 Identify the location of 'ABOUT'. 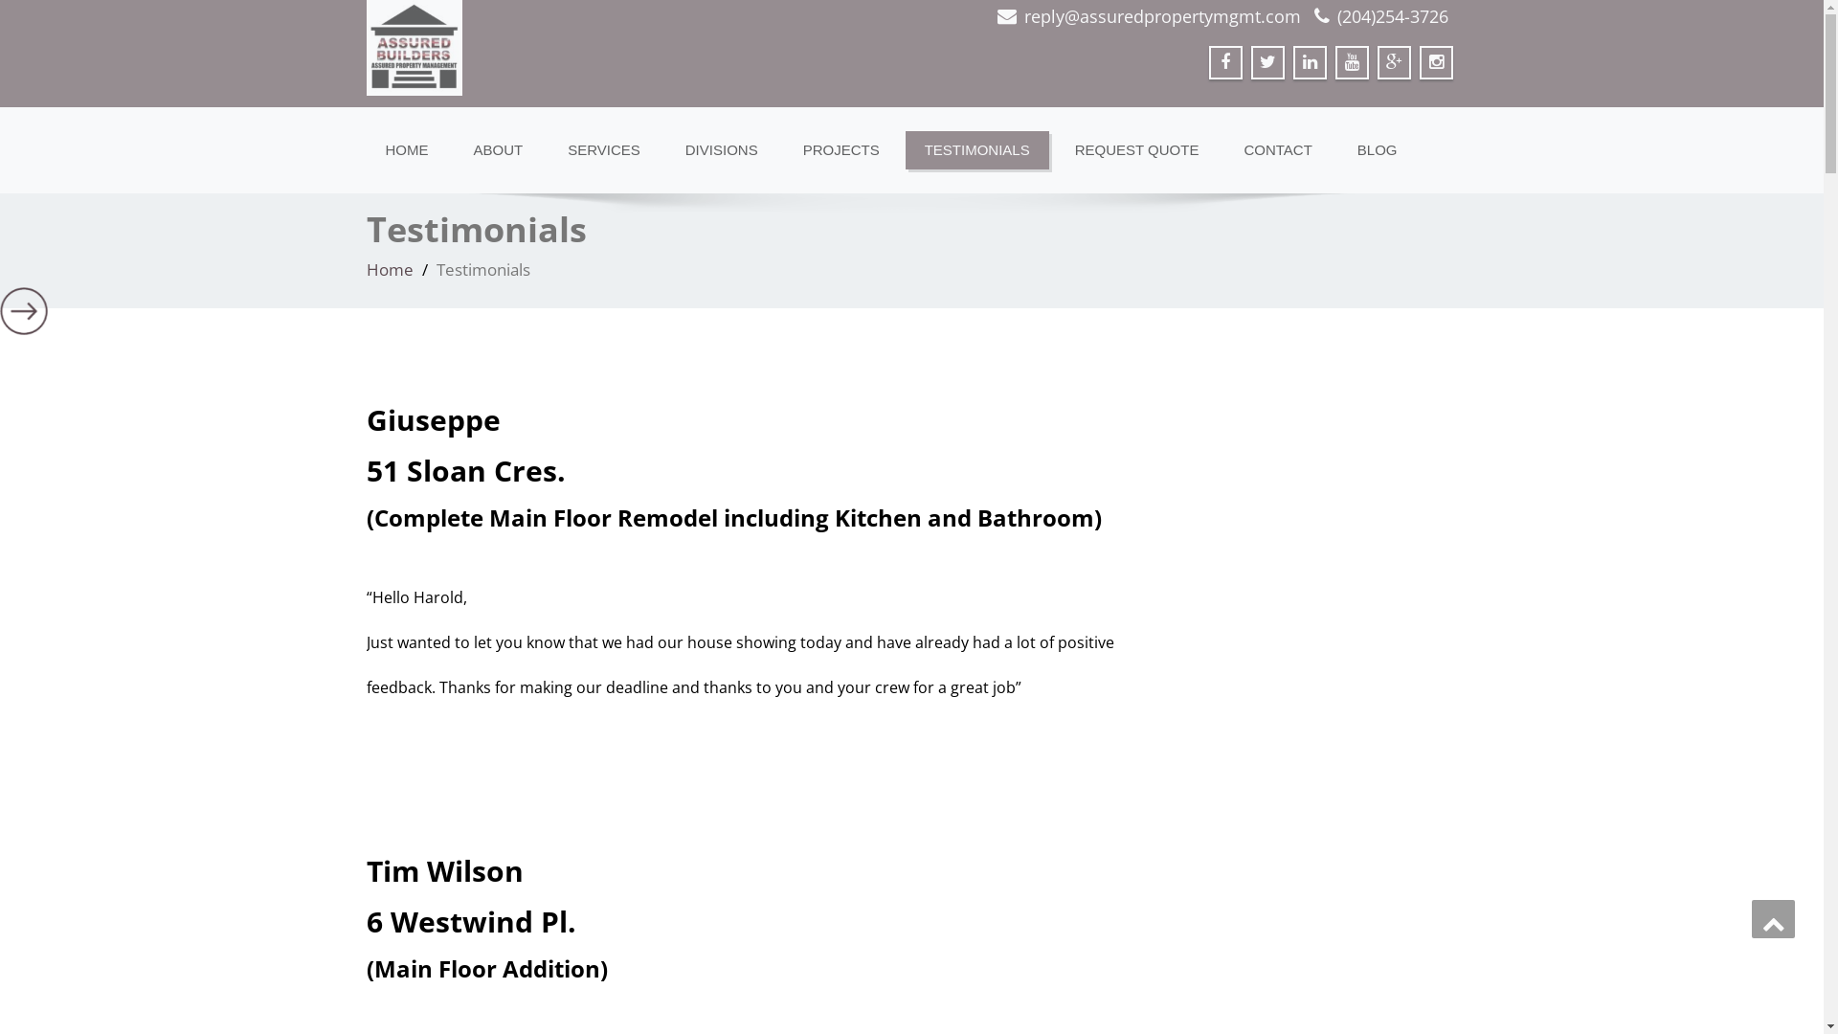
(497, 149).